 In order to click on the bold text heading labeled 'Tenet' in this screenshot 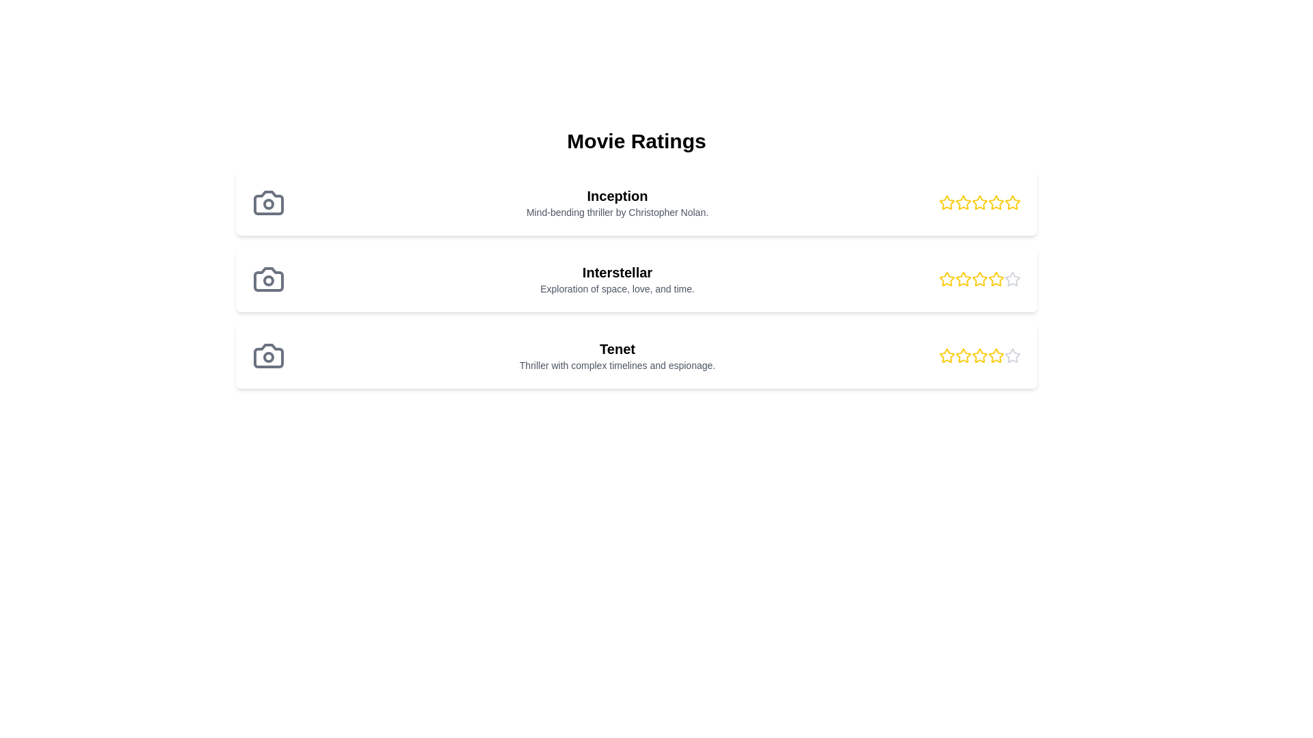, I will do `click(616, 348)`.